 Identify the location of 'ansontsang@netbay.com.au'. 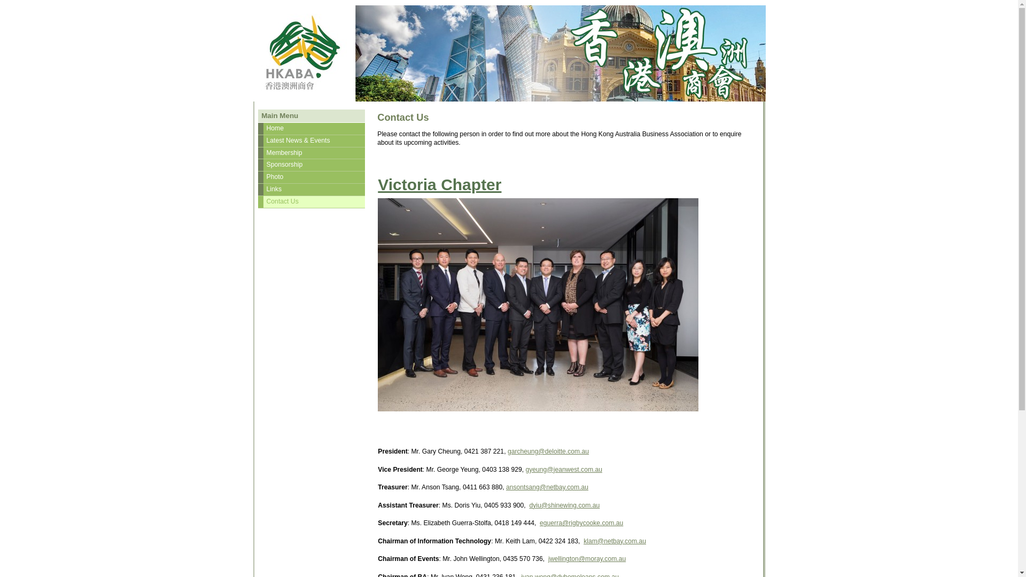
(547, 487).